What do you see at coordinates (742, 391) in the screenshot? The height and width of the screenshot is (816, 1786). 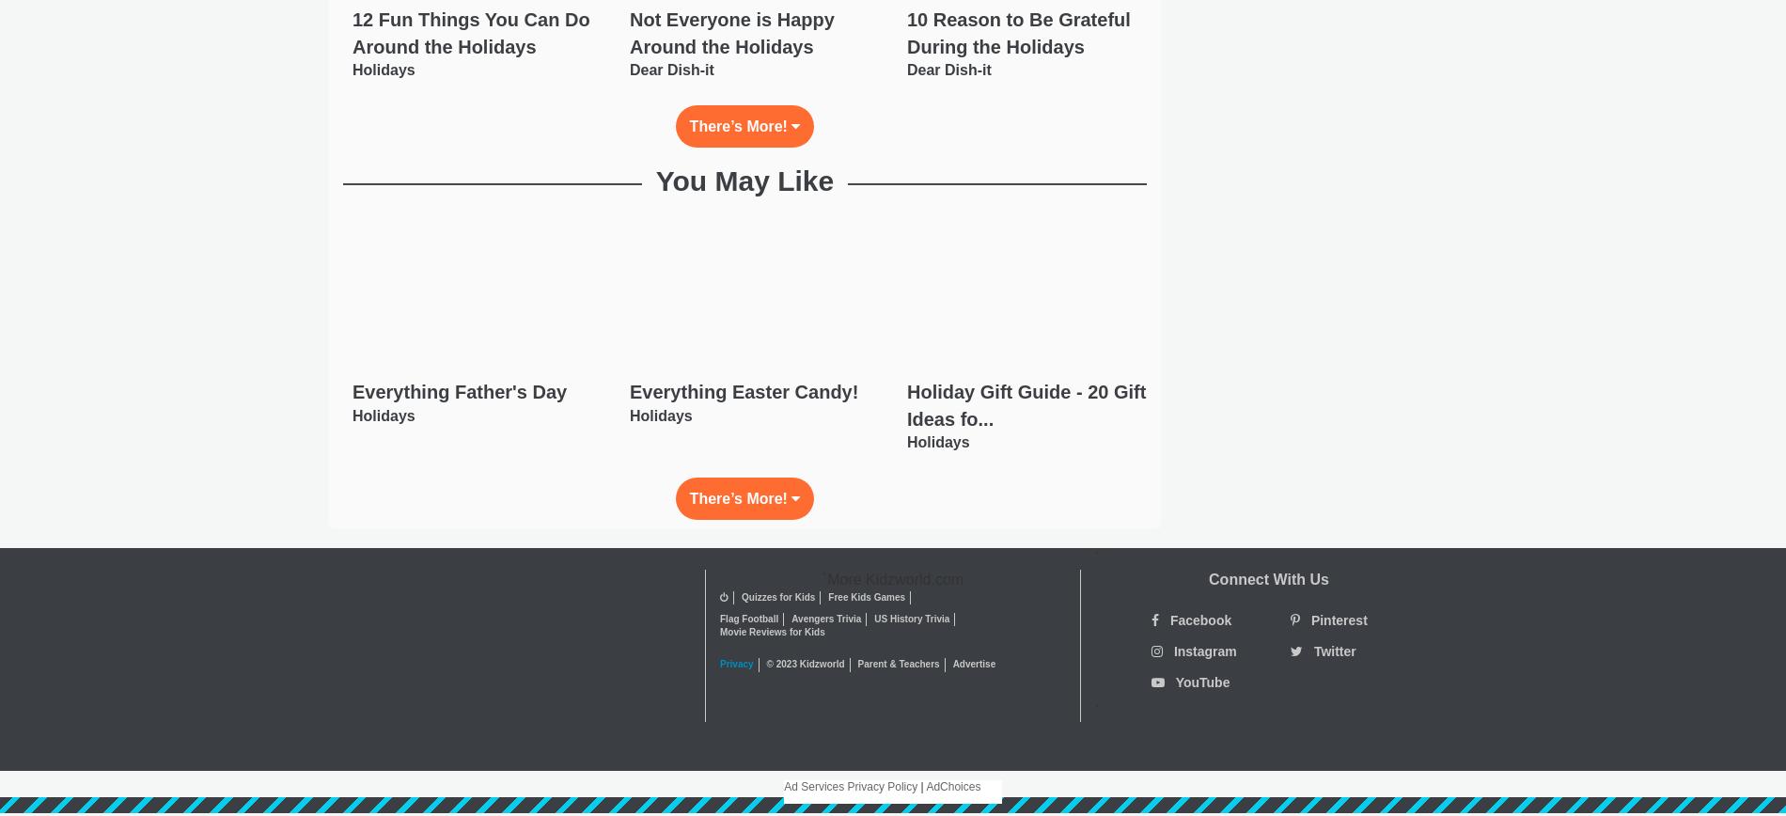 I see `'Everything Easter Candy!'` at bounding box center [742, 391].